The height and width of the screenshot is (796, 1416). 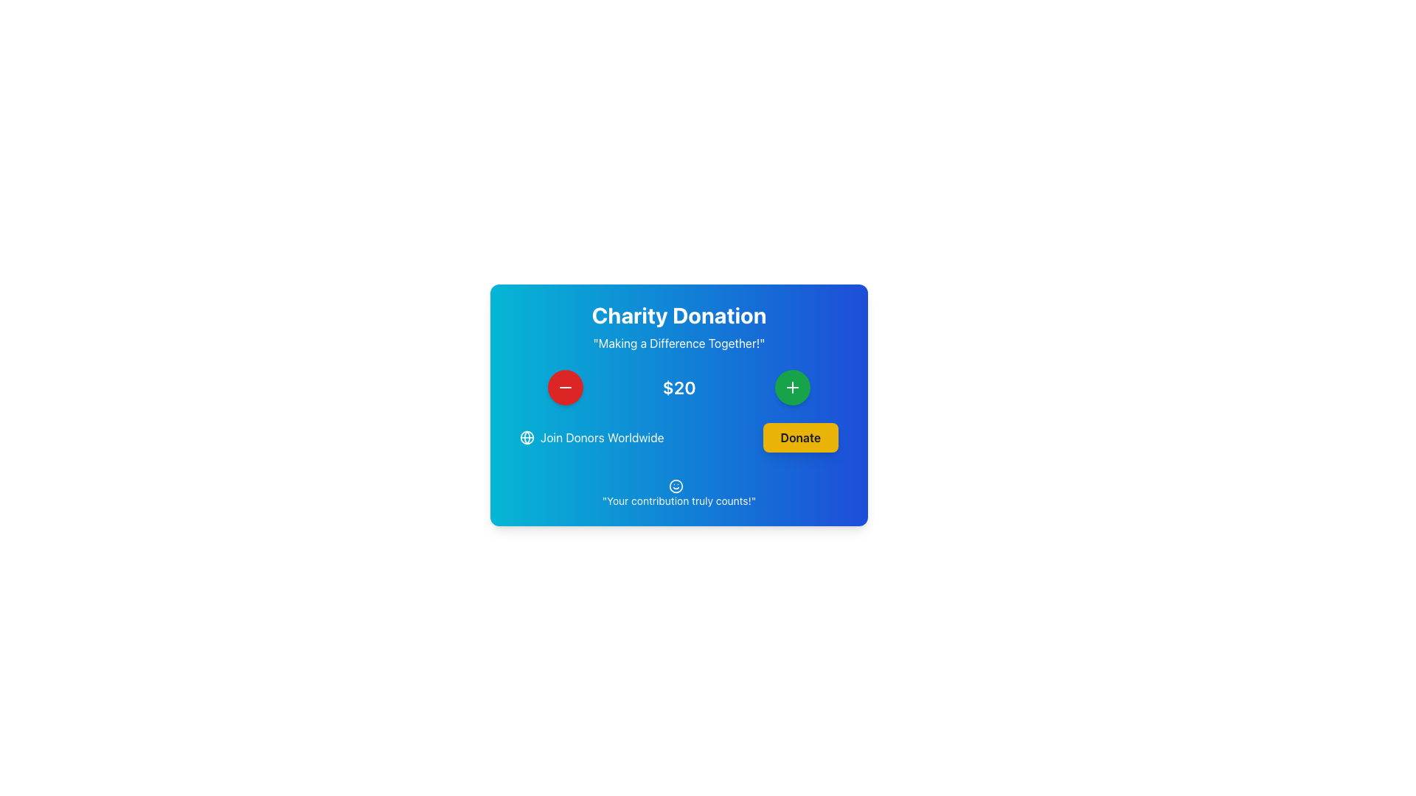 I want to click on the title and subtitle text block at the top section of the card layout, so click(x=678, y=326).